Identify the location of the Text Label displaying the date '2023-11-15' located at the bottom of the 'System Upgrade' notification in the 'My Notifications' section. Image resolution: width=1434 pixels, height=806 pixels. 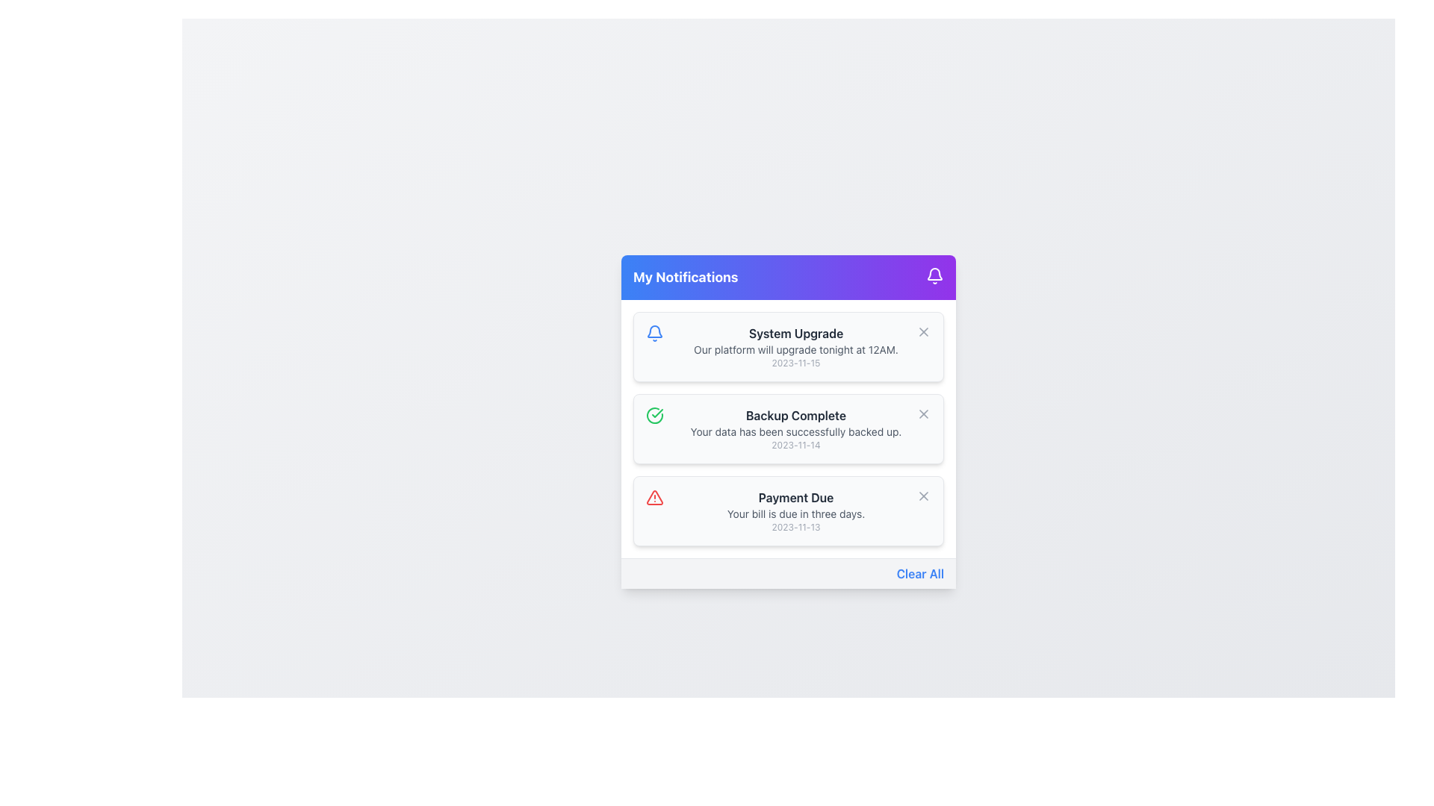
(795, 363).